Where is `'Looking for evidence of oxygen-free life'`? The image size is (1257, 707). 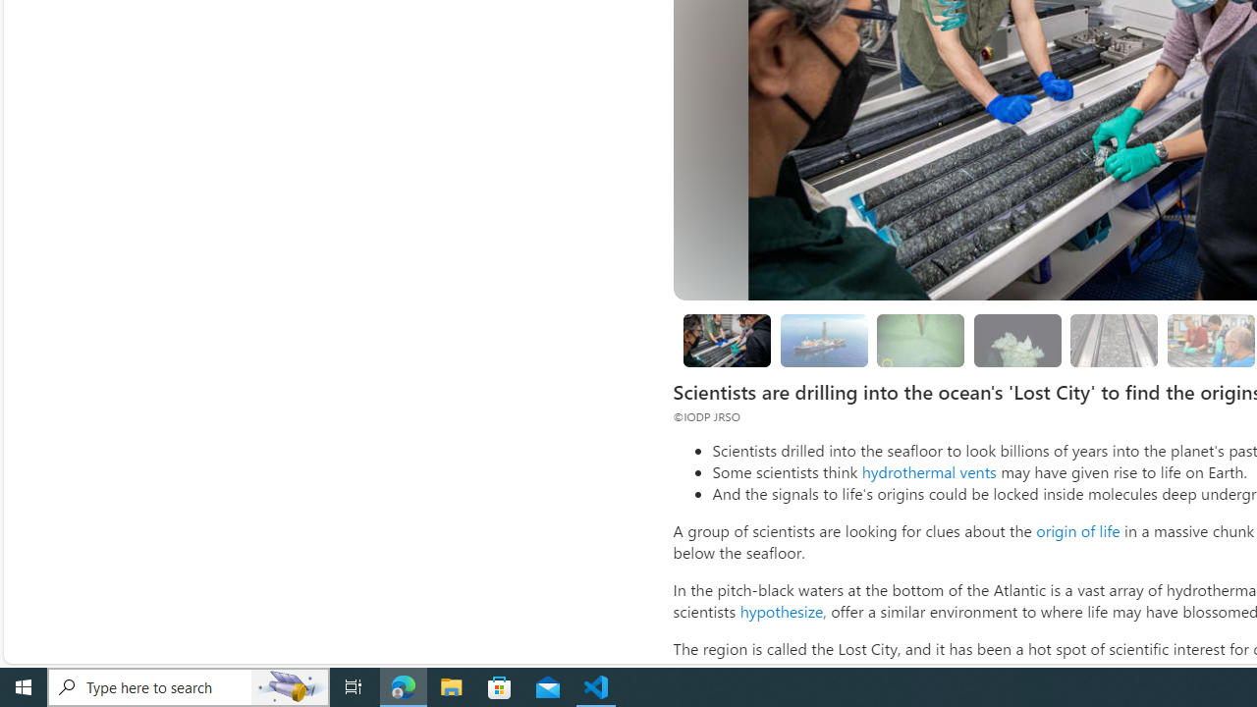 'Looking for evidence of oxygen-free life' is located at coordinates (1209, 339).